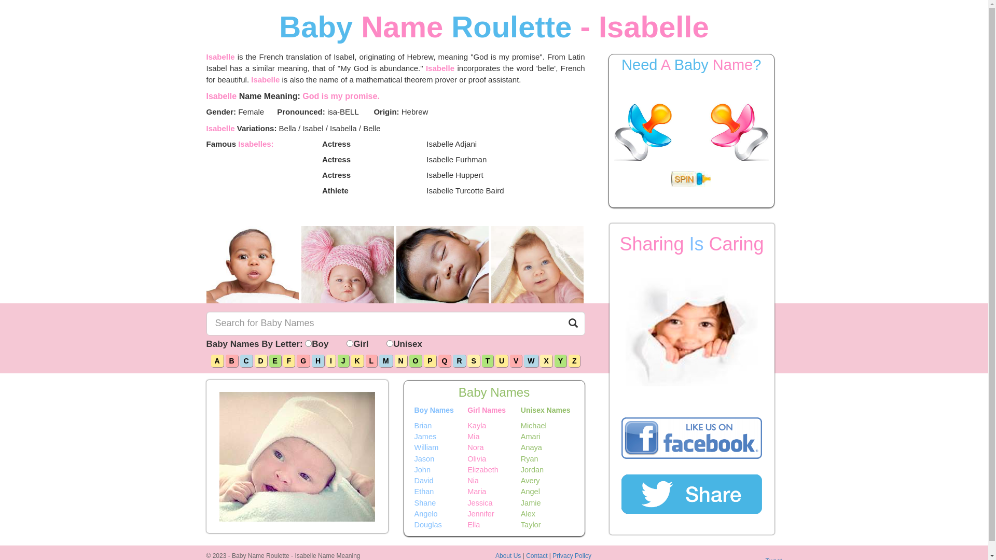  Describe the element at coordinates (467, 410) in the screenshot. I see `'Girl Names'` at that location.